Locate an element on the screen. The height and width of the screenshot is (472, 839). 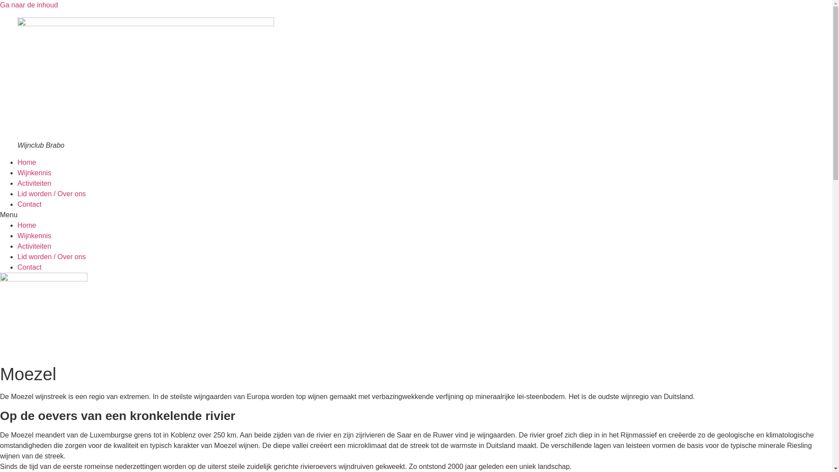
'Home' is located at coordinates (17, 225).